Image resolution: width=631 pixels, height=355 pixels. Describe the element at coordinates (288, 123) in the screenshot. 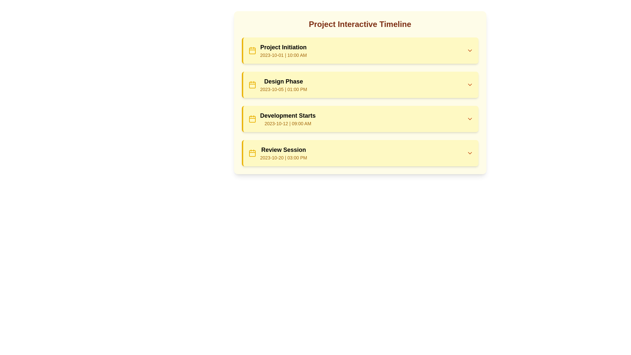

I see `the text label displaying the timestamp '2023-10-12 | 09:00 AM' located below the 'Development Starts' title in the third section of the 'Project Interactive Timeline'` at that location.